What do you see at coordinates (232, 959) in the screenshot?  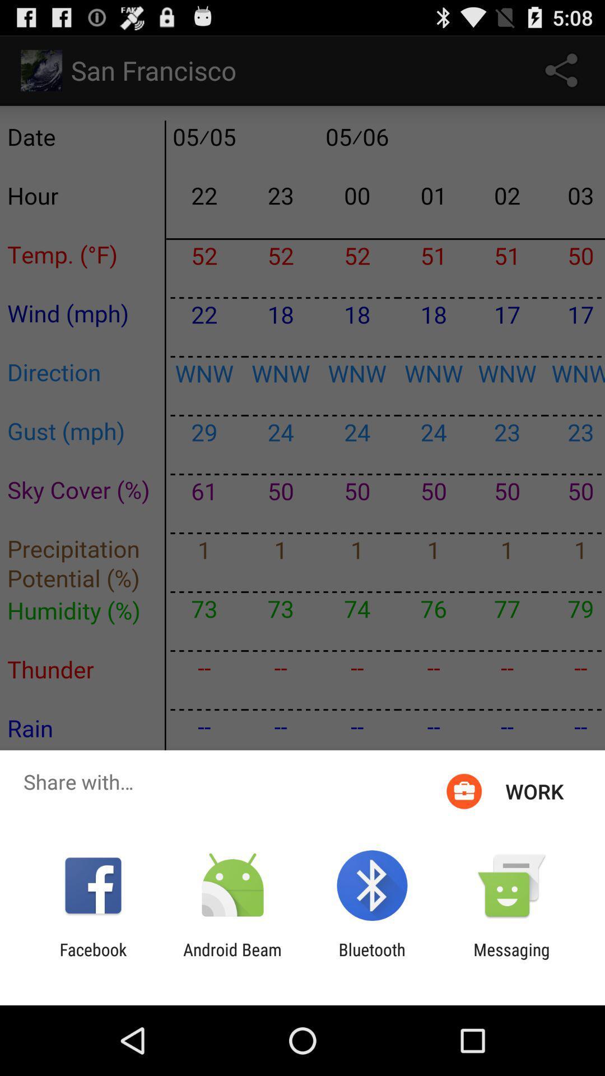 I see `android beam icon` at bounding box center [232, 959].